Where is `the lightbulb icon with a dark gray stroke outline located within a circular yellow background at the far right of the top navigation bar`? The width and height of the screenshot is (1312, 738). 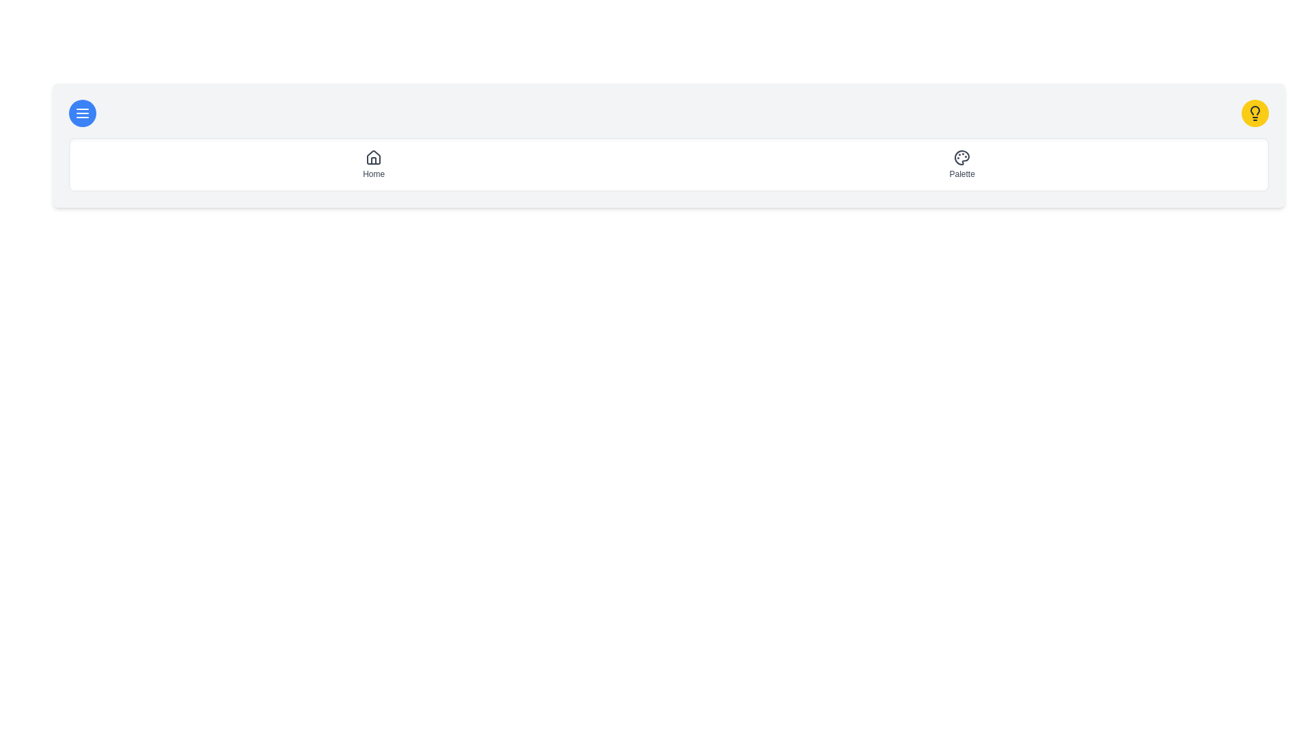
the lightbulb icon with a dark gray stroke outline located within a circular yellow background at the far right of the top navigation bar is located at coordinates (1255, 112).